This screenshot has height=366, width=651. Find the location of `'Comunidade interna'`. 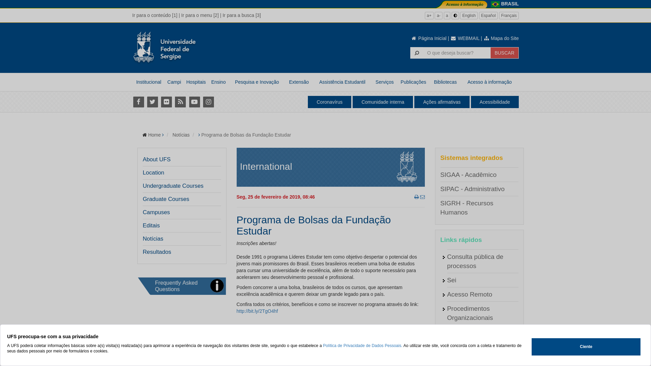

'Comunidade interna' is located at coordinates (382, 102).